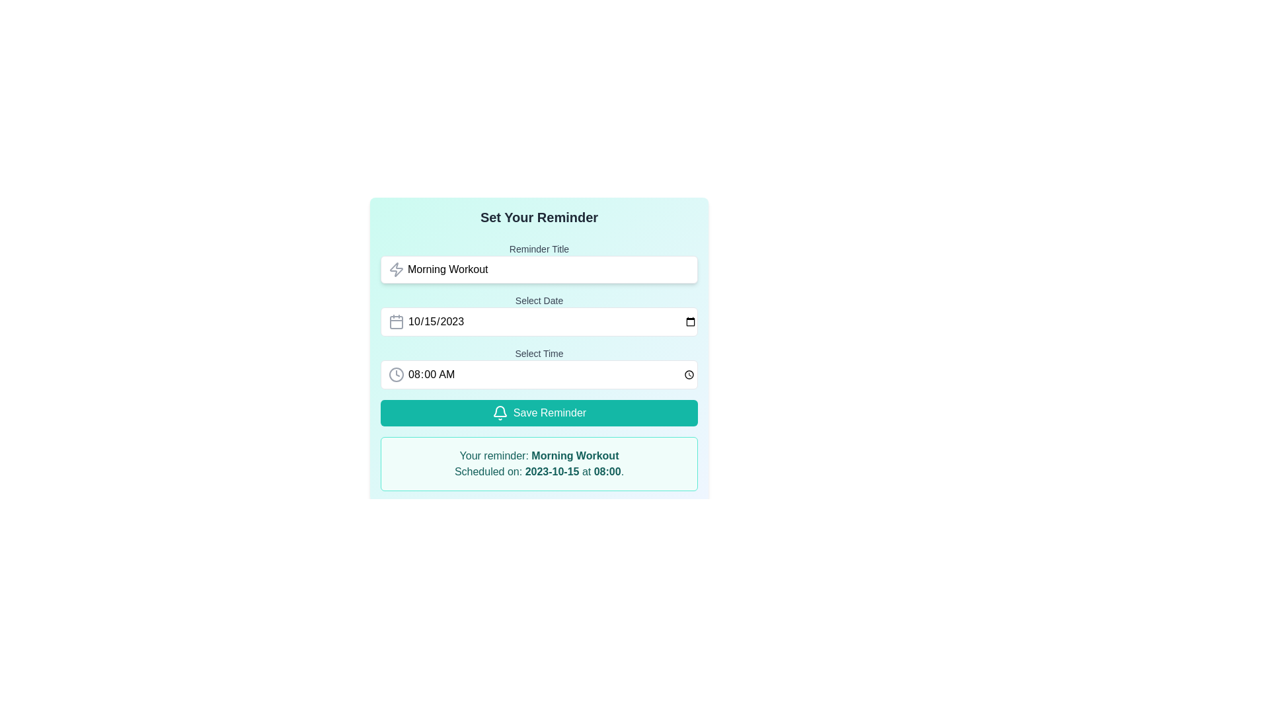  Describe the element at coordinates (499, 412) in the screenshot. I see `the bell icon, which is a minimalistic outline design located within a turquoise button next to the 'Save Reminder' text` at that location.